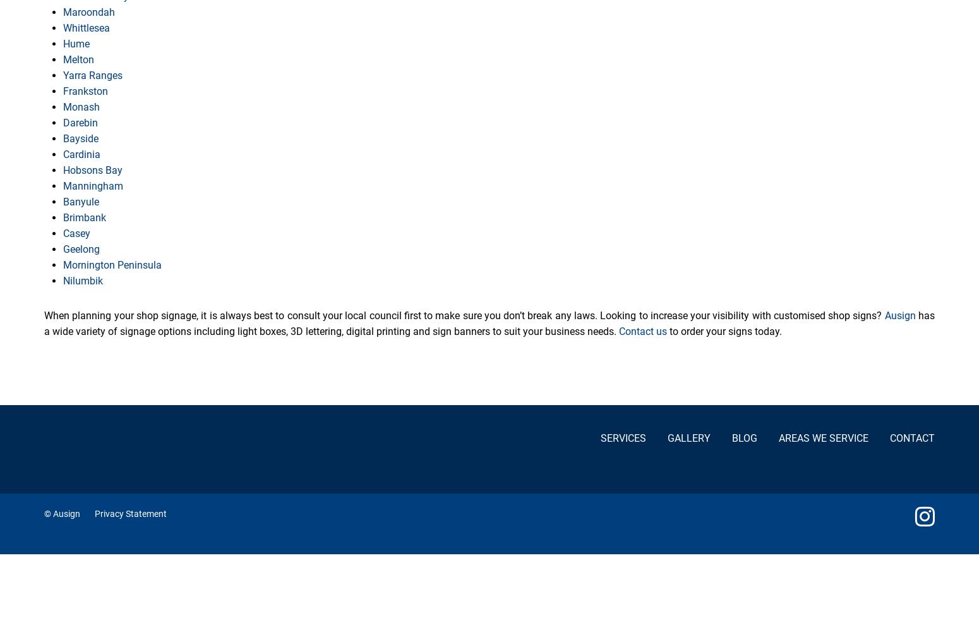 The image size is (979, 632). What do you see at coordinates (63, 280) in the screenshot?
I see `'Nilumbik'` at bounding box center [63, 280].